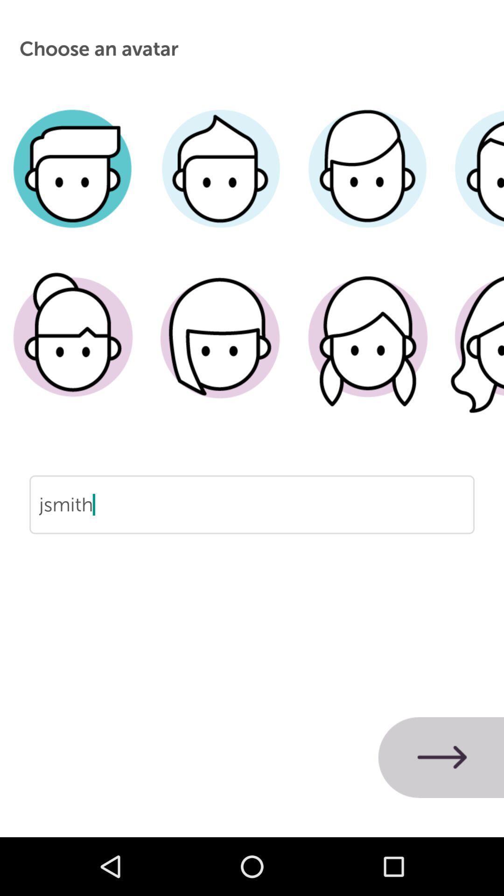  What do you see at coordinates (73, 351) in the screenshot?
I see `a character` at bounding box center [73, 351].